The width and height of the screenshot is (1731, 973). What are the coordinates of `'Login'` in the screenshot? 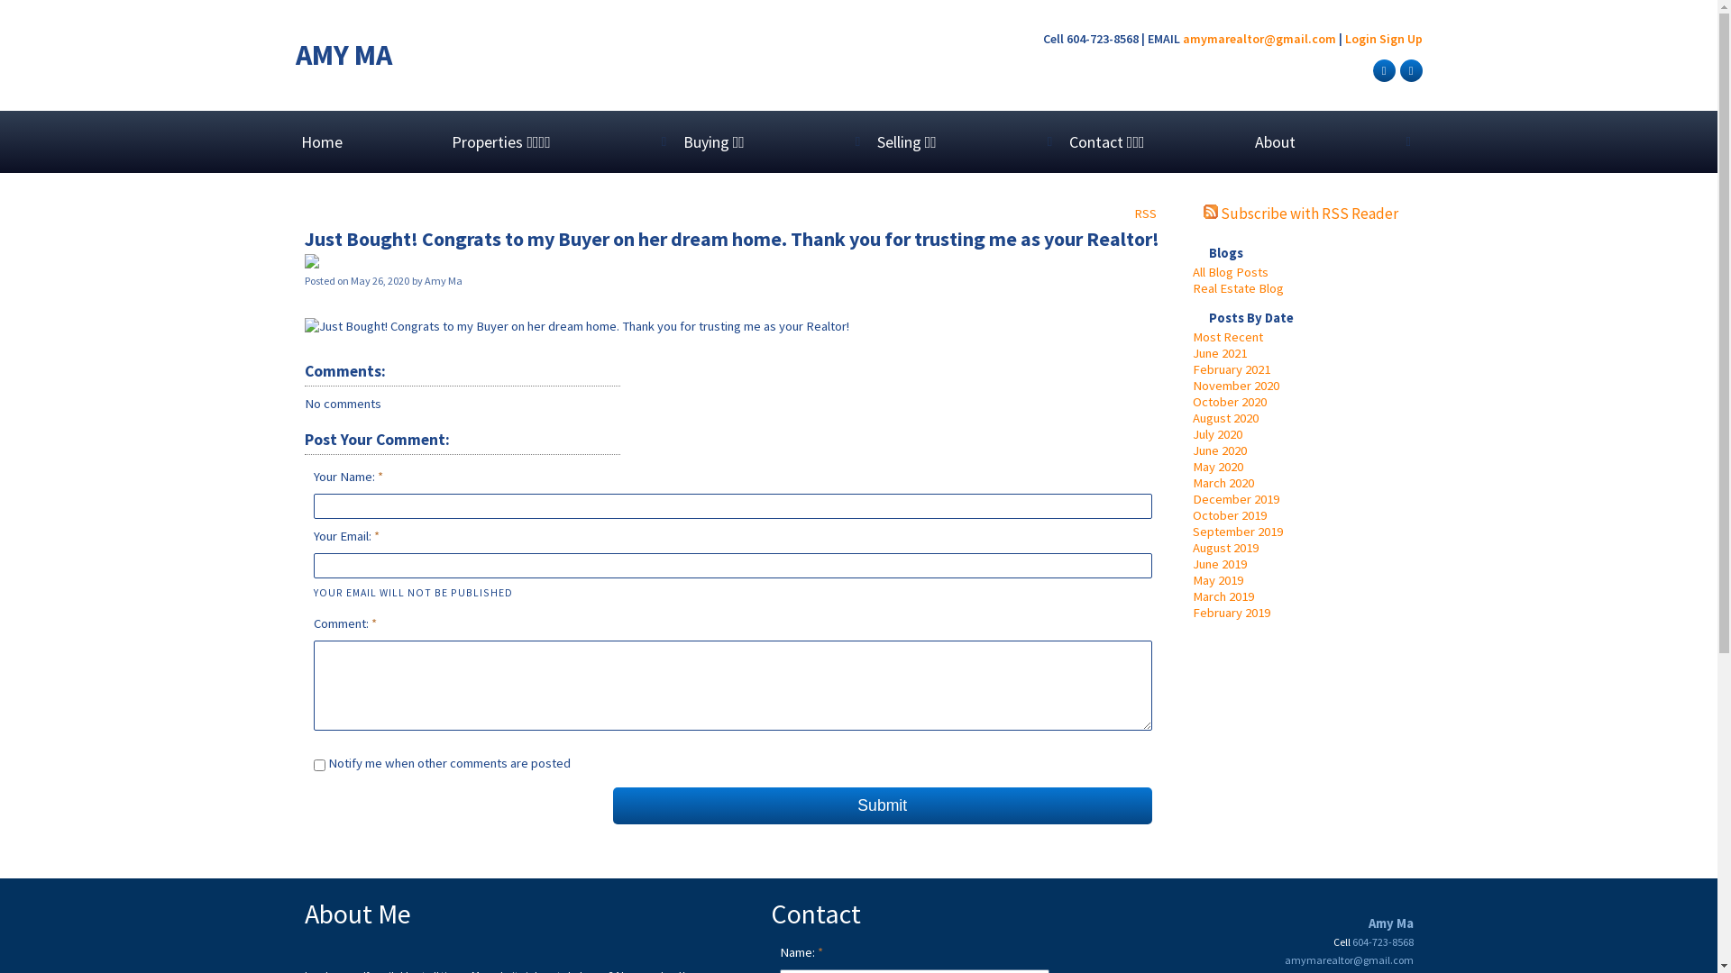 It's located at (1360, 38).